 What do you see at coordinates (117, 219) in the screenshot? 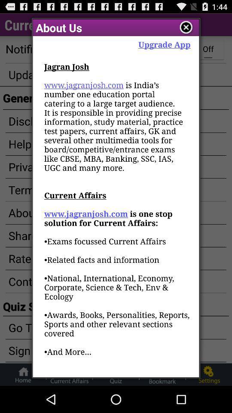
I see `the item below upgrade app item` at bounding box center [117, 219].